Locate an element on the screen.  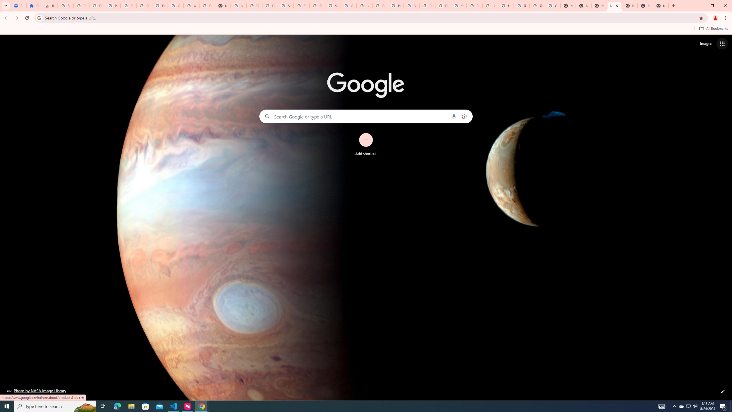
'Customize this page' is located at coordinates (723, 391).